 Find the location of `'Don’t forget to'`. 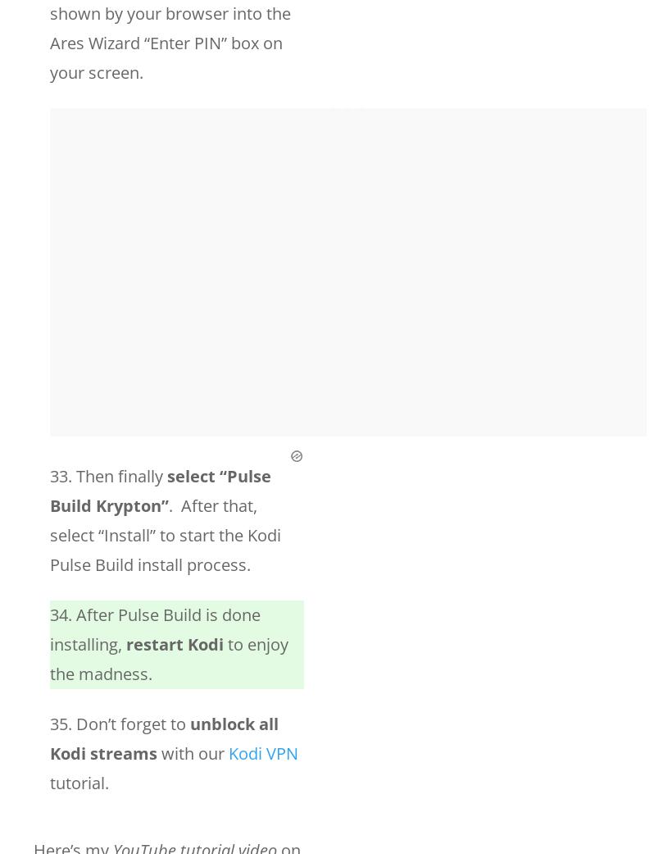

'Don’t forget to' is located at coordinates (132, 723).